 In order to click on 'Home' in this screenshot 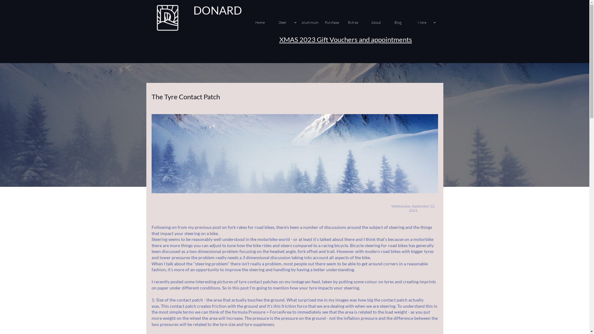, I will do `click(266, 22)`.